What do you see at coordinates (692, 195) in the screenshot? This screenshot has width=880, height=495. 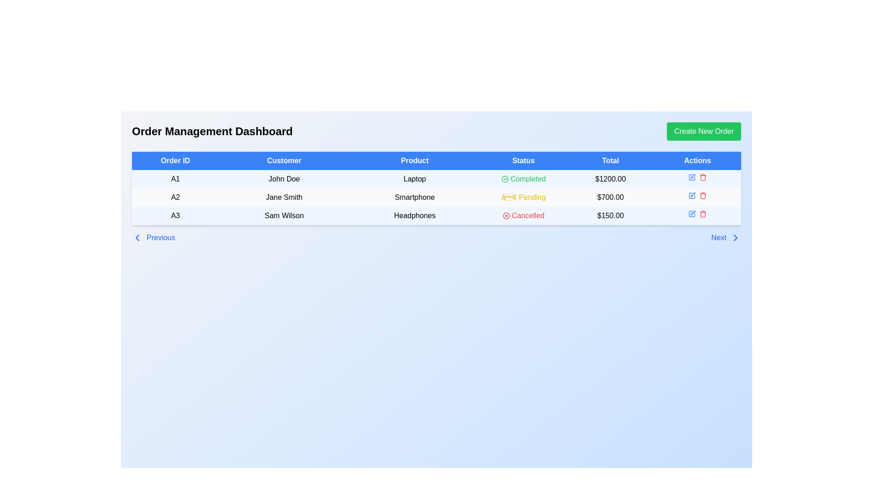 I see `the graphical icon representing a square with a pen overlay located in the 'Actions' column of the second row of the table` at bounding box center [692, 195].